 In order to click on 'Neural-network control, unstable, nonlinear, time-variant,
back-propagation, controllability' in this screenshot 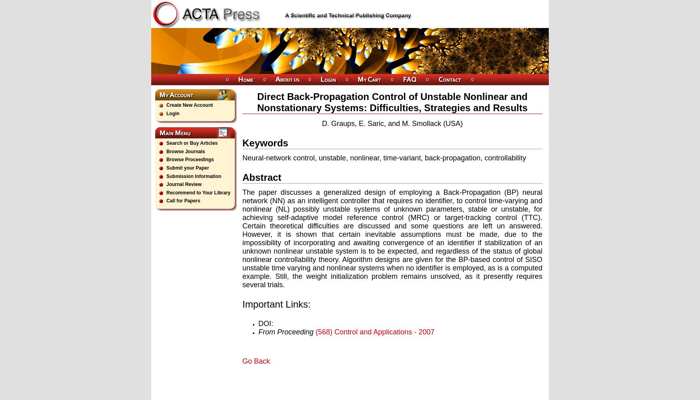, I will do `click(384, 158)`.